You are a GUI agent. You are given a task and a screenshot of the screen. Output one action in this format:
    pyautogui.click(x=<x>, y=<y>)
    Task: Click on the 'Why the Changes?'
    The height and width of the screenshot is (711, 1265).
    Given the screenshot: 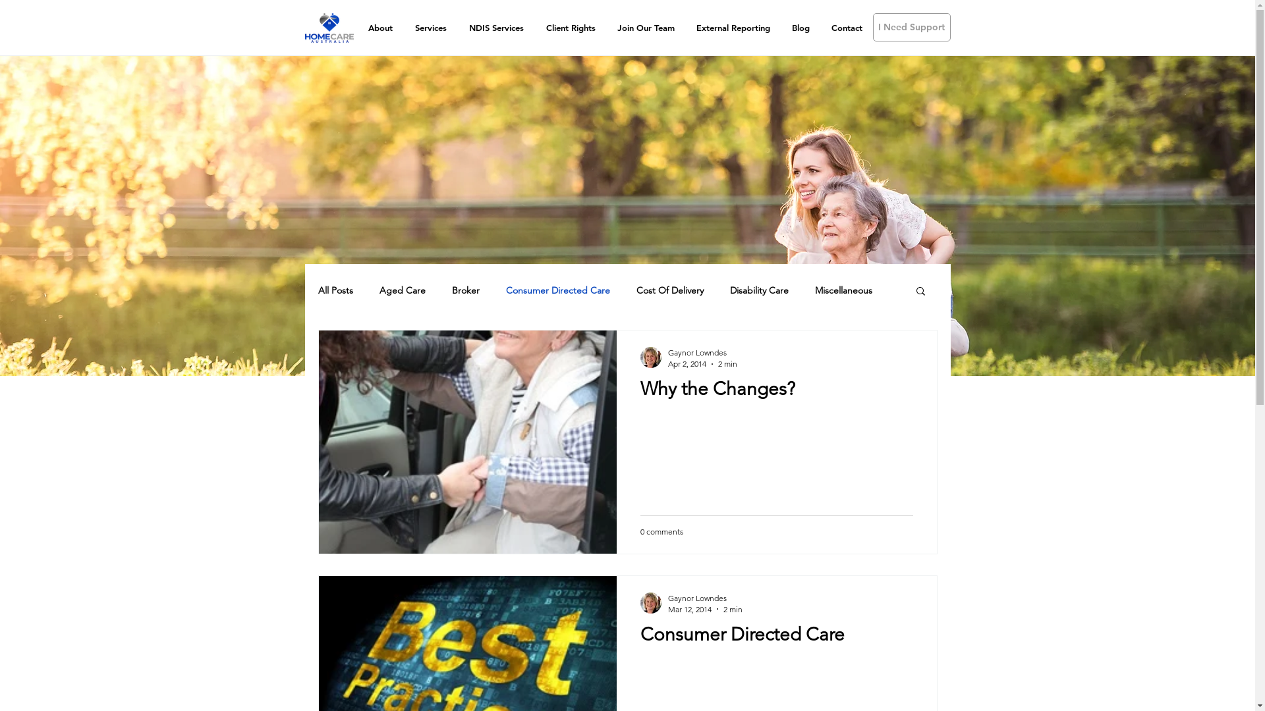 What is the action you would take?
    pyautogui.click(x=640, y=392)
    